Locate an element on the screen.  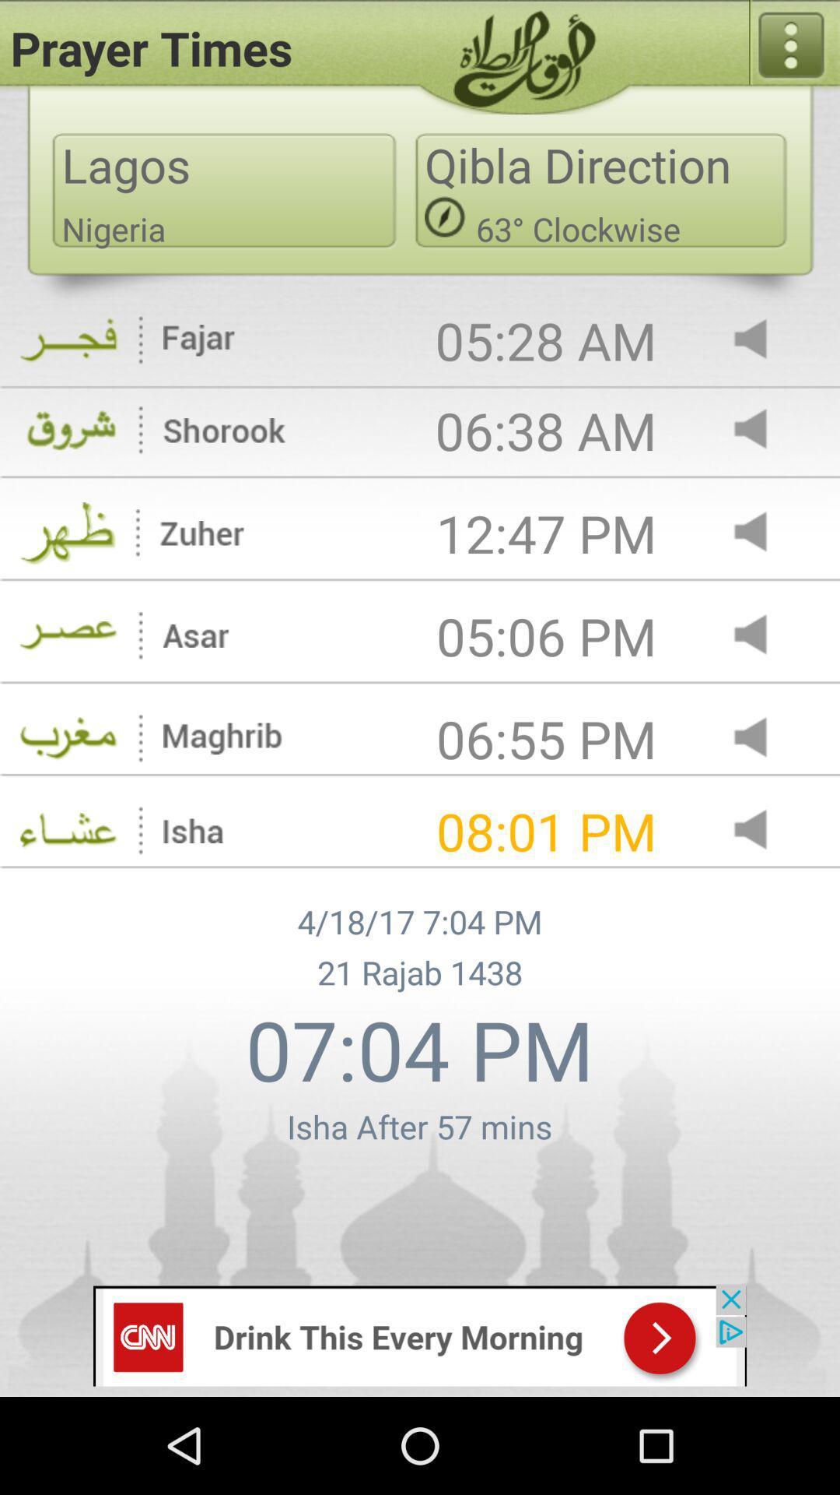
hear audio is located at coordinates (763, 431).